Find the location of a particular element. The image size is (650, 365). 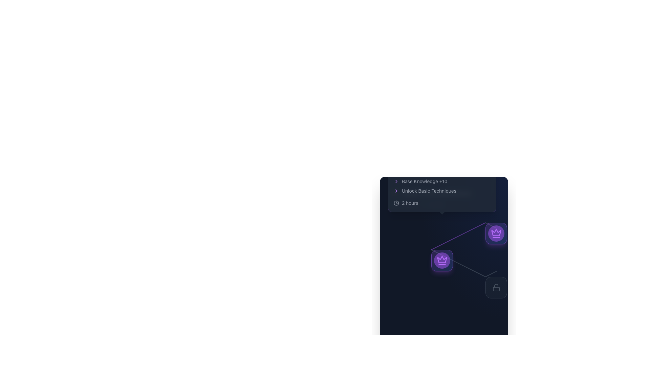

the achievement icon located in the bottom-right portion of the interface, which visually represents a rating is located at coordinates (394, 193).